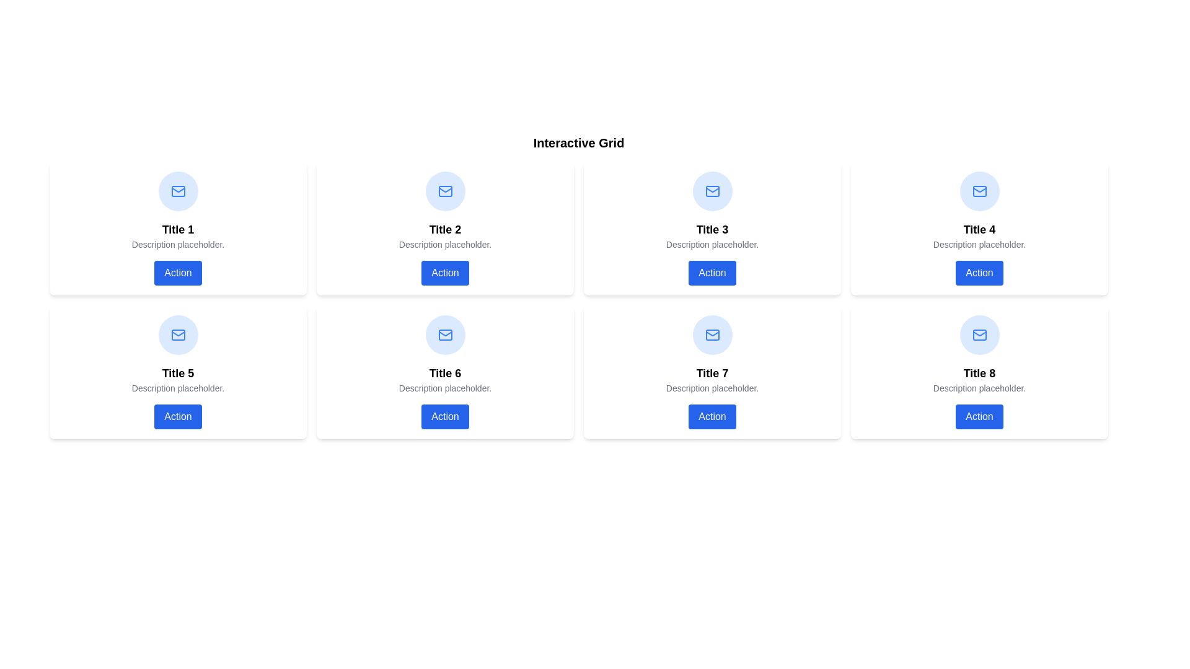  Describe the element at coordinates (177, 388) in the screenshot. I see `the descriptive Text Label located in the fifth card of the grid layout, positioned below 'Title 5' and above the 'Action' button` at that location.